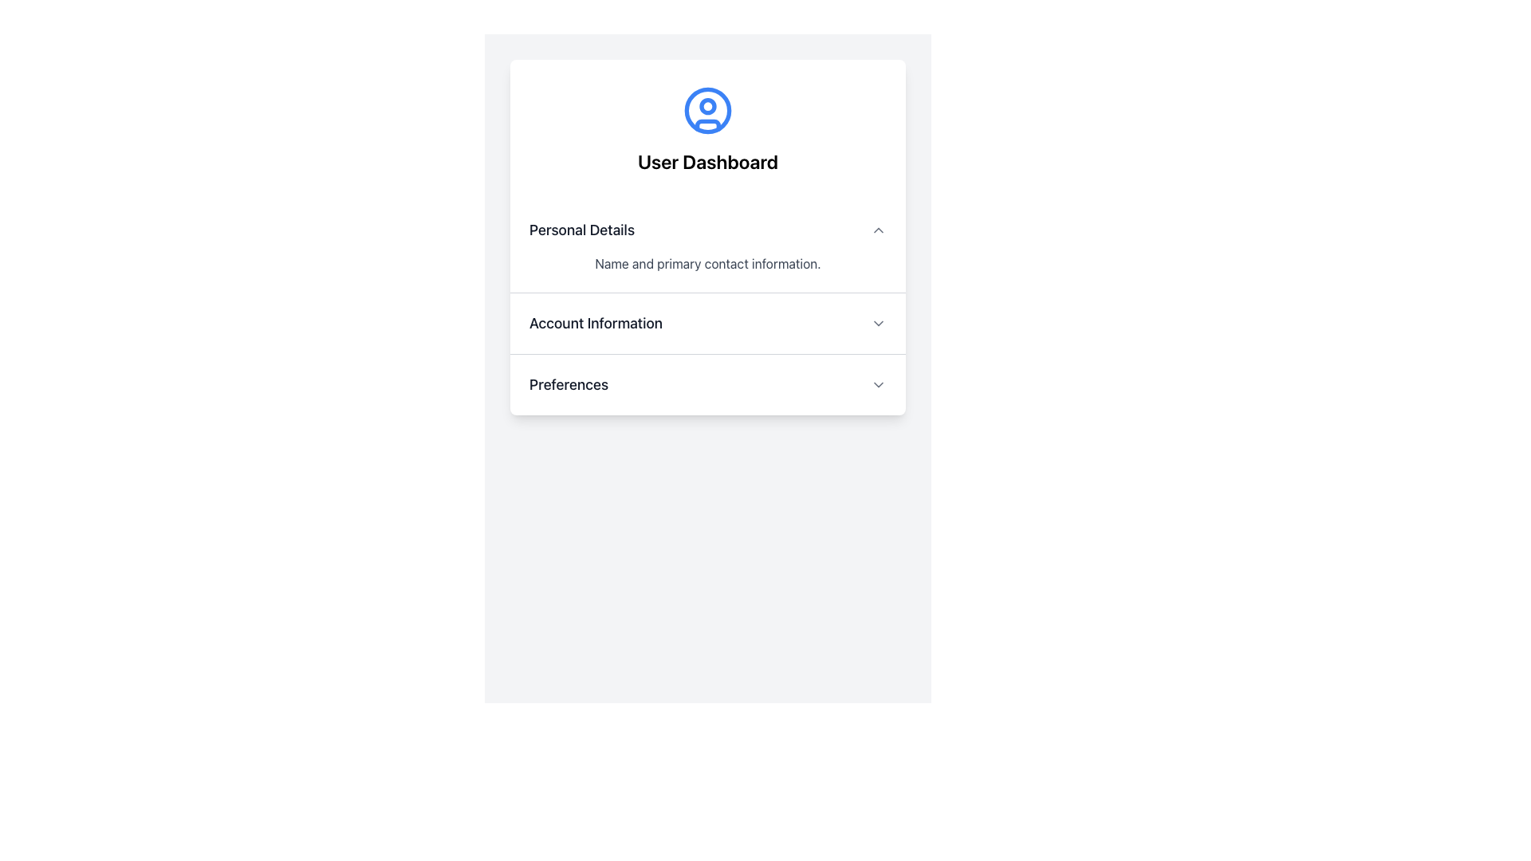 Image resolution: width=1531 pixels, height=861 pixels. What do you see at coordinates (707, 109) in the screenshot?
I see `the circular boundary of the user icon, which has a blue outline and is located at the top-center of the dashboard card` at bounding box center [707, 109].